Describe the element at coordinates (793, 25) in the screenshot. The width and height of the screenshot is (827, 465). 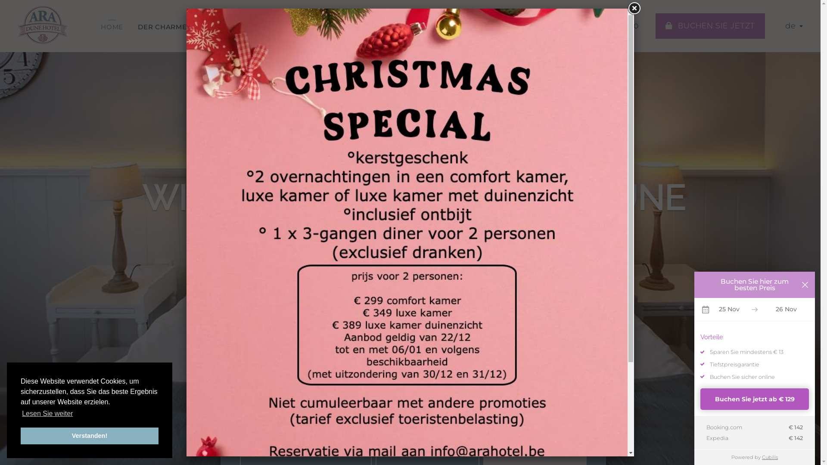
I see `'de'` at that location.